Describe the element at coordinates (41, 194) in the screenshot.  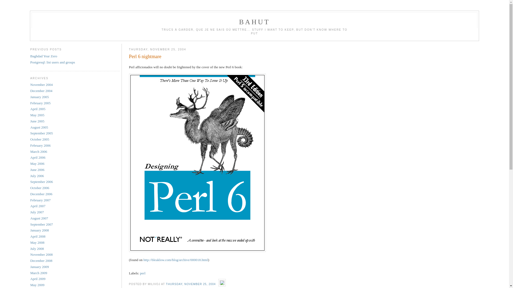
I see `'December 2006'` at that location.